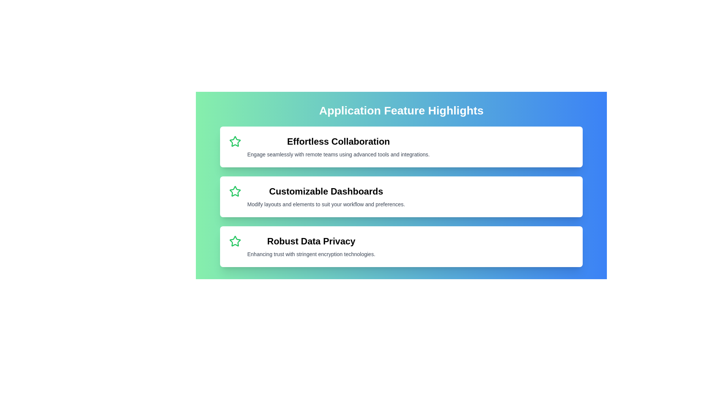 This screenshot has height=408, width=726. Describe the element at coordinates (311, 246) in the screenshot. I see `textual content block that is the third item in the vertical list of feature highlights, located beneath 'Effortless Collaboration' and 'Customizable Dashboards'` at that location.